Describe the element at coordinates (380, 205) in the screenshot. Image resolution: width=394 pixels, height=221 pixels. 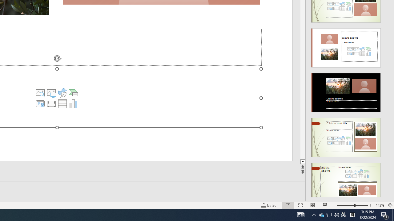
I see `'Zoom 142%'` at that location.